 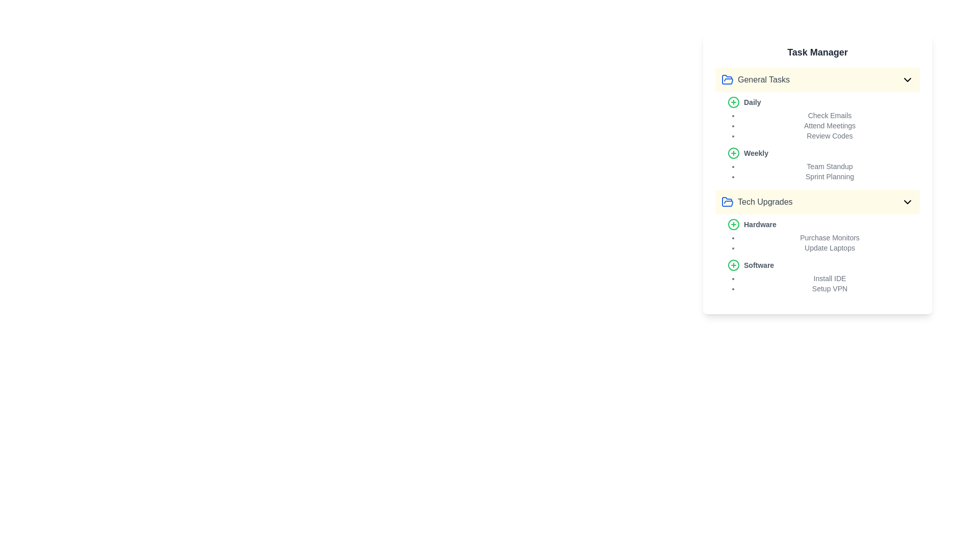 I want to click on the bulleted list under the 'Software' section, so click(x=823, y=277).